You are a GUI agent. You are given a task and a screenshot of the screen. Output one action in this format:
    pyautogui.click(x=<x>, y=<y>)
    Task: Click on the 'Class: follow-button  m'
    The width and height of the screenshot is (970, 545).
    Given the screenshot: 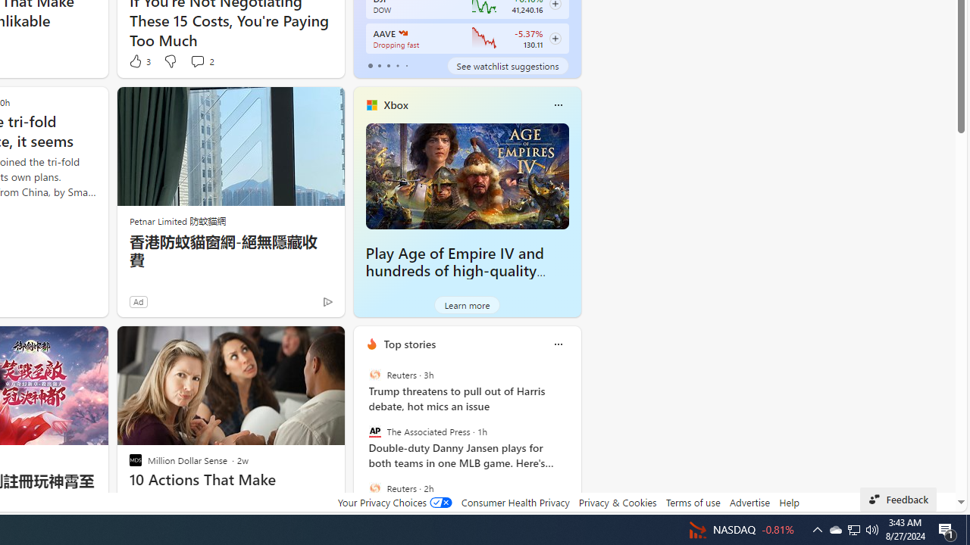 What is the action you would take?
    pyautogui.click(x=554, y=38)
    